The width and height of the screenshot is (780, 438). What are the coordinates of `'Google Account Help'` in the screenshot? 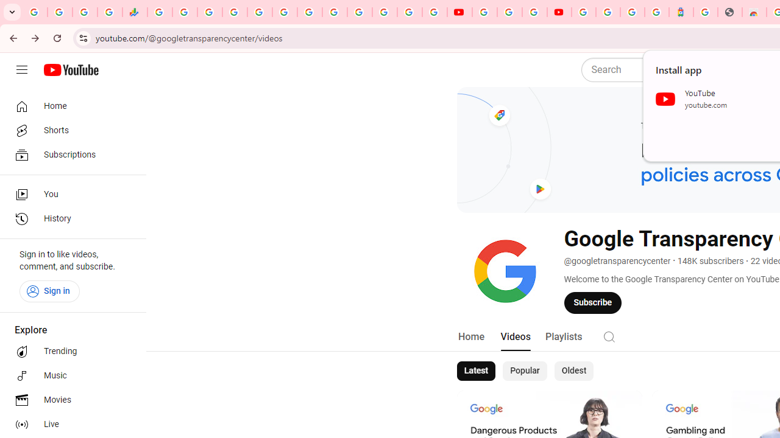 It's located at (509, 12).